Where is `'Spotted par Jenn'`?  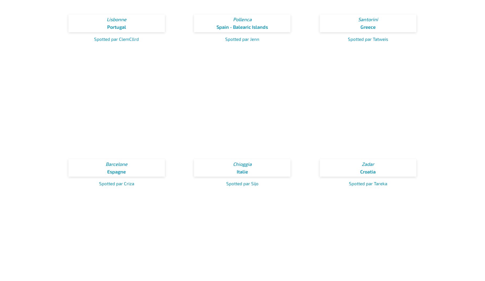 'Spotted par Jenn' is located at coordinates (242, 38).